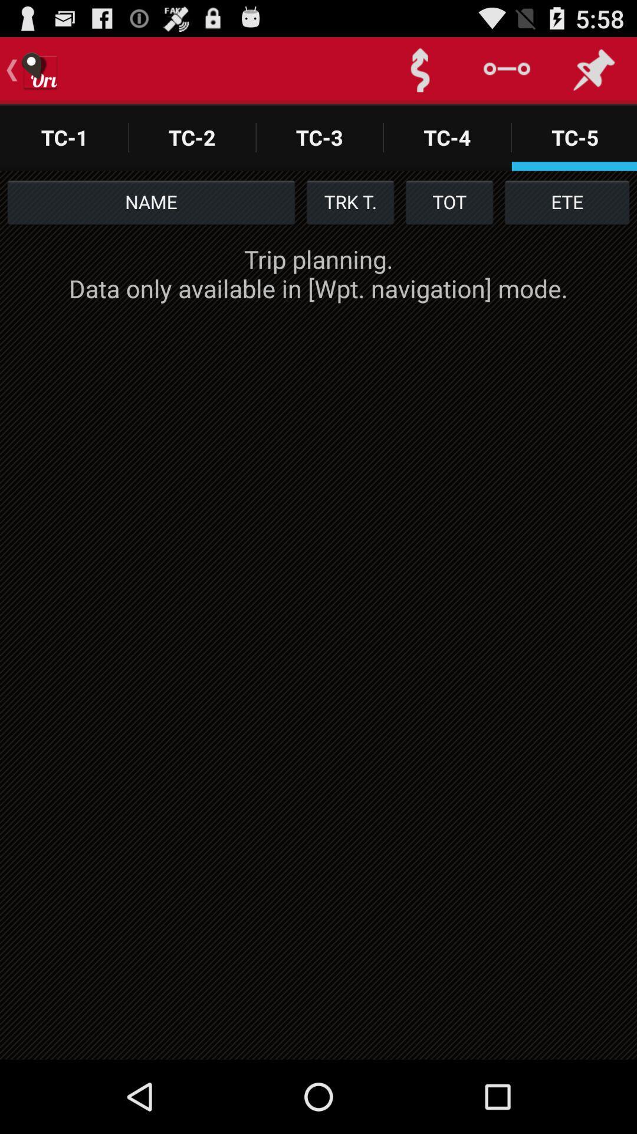 The width and height of the screenshot is (637, 1134). What do you see at coordinates (350, 201) in the screenshot?
I see `item next to name` at bounding box center [350, 201].